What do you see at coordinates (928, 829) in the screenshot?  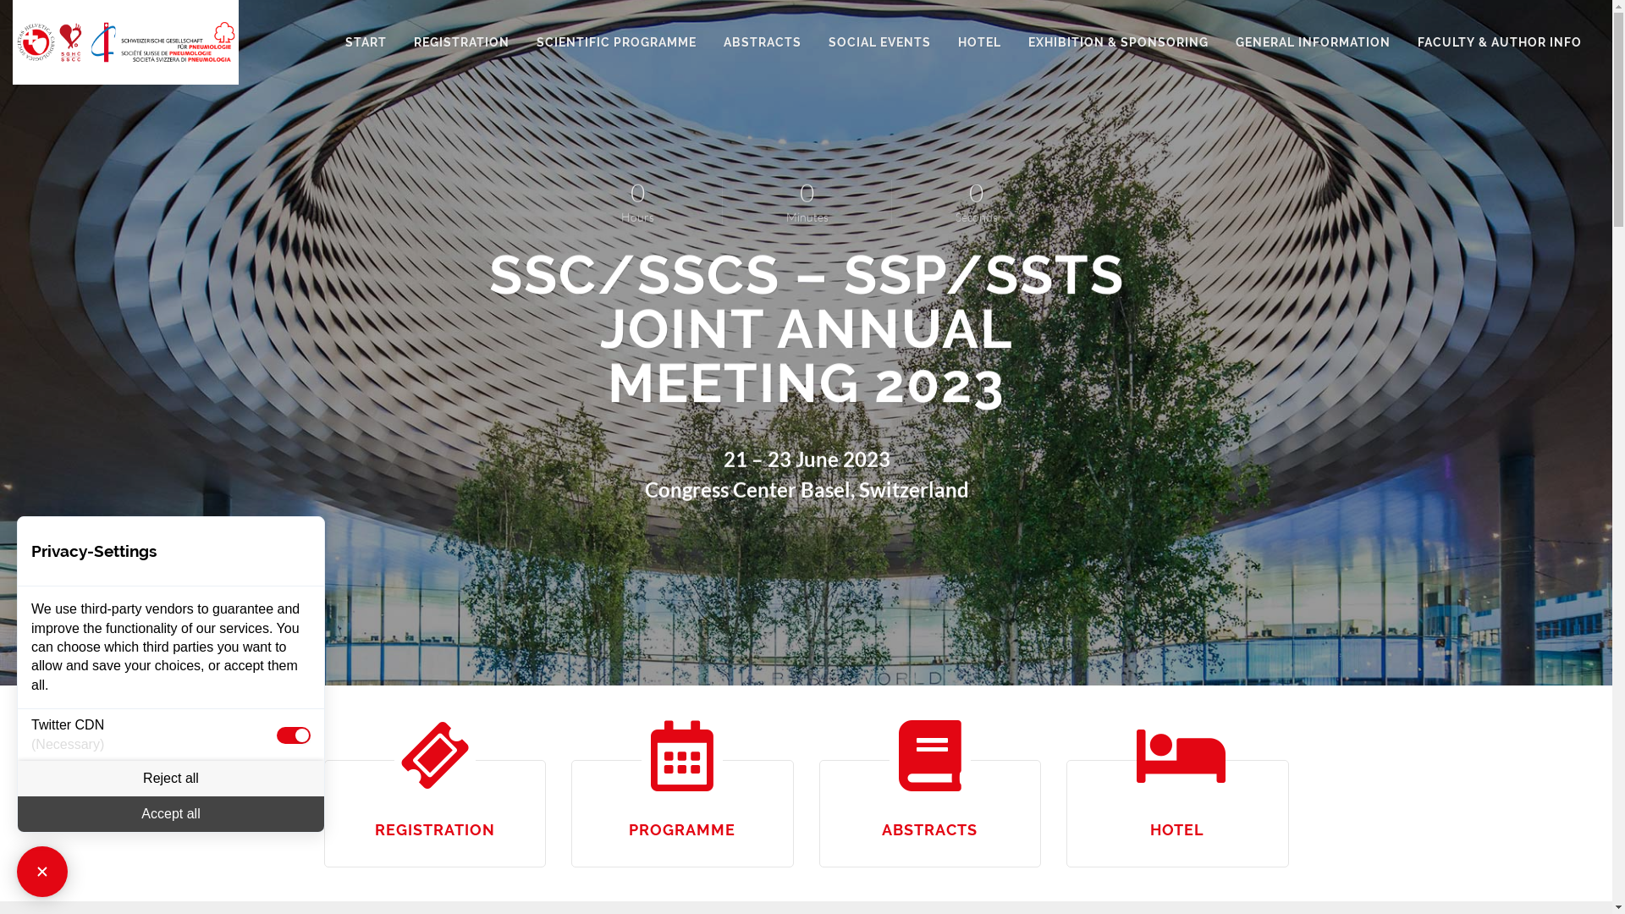 I see `'ABSTRACTS'` at bounding box center [928, 829].